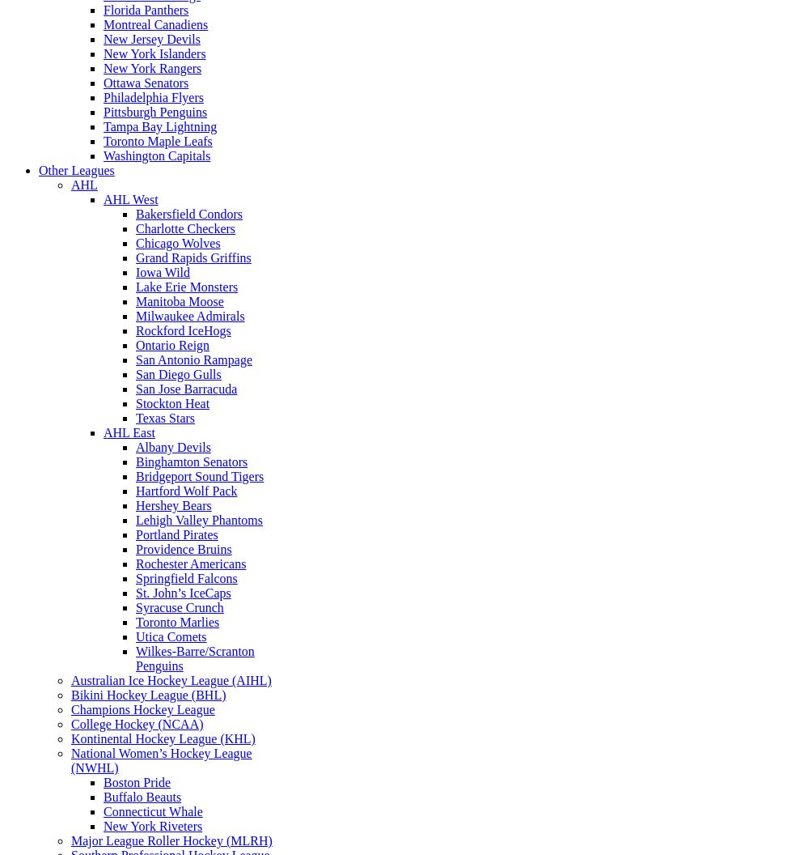 The width and height of the screenshot is (791, 855). I want to click on 'New Jersey Devils', so click(104, 39).